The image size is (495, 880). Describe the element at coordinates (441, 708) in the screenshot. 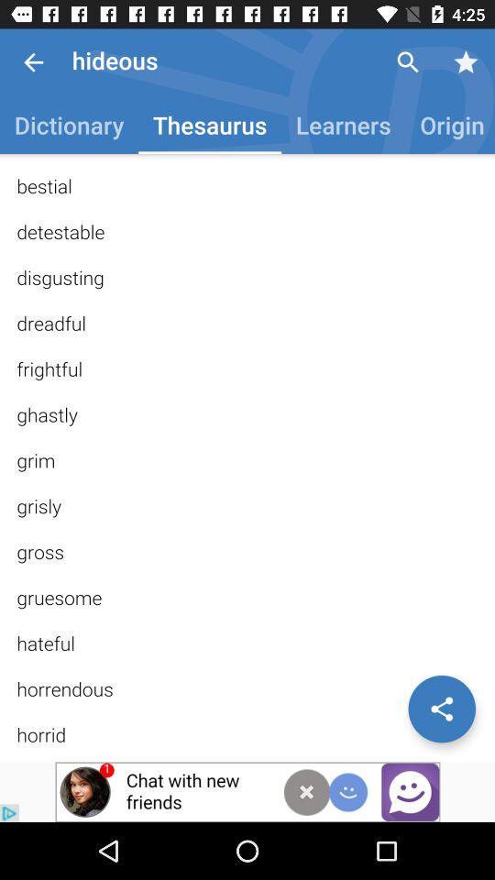

I see `the share icon` at that location.